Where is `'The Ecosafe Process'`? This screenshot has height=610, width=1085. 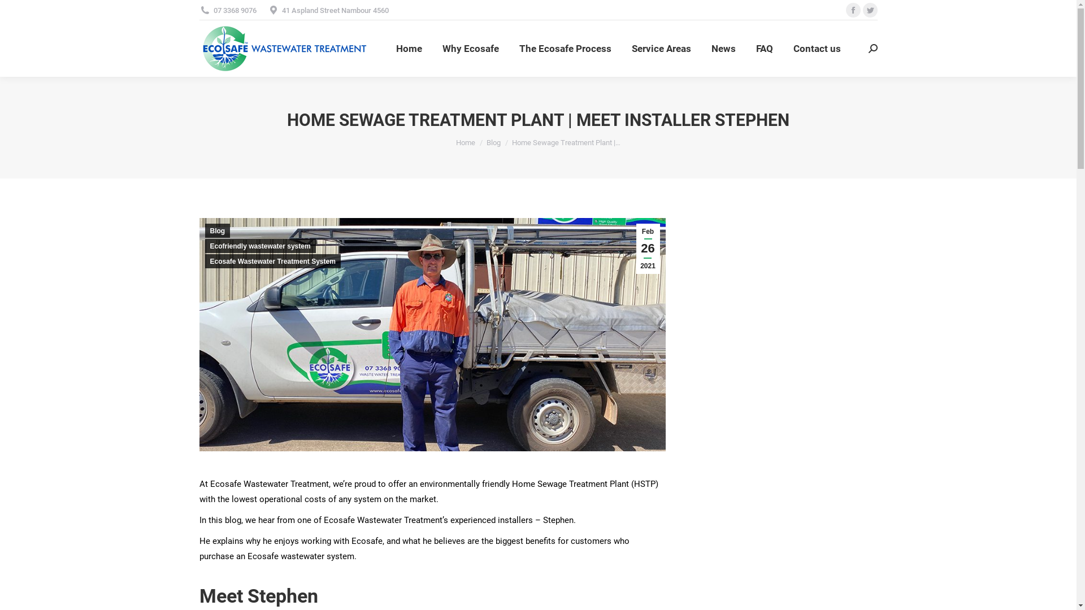
'The Ecosafe Process' is located at coordinates (565, 47).